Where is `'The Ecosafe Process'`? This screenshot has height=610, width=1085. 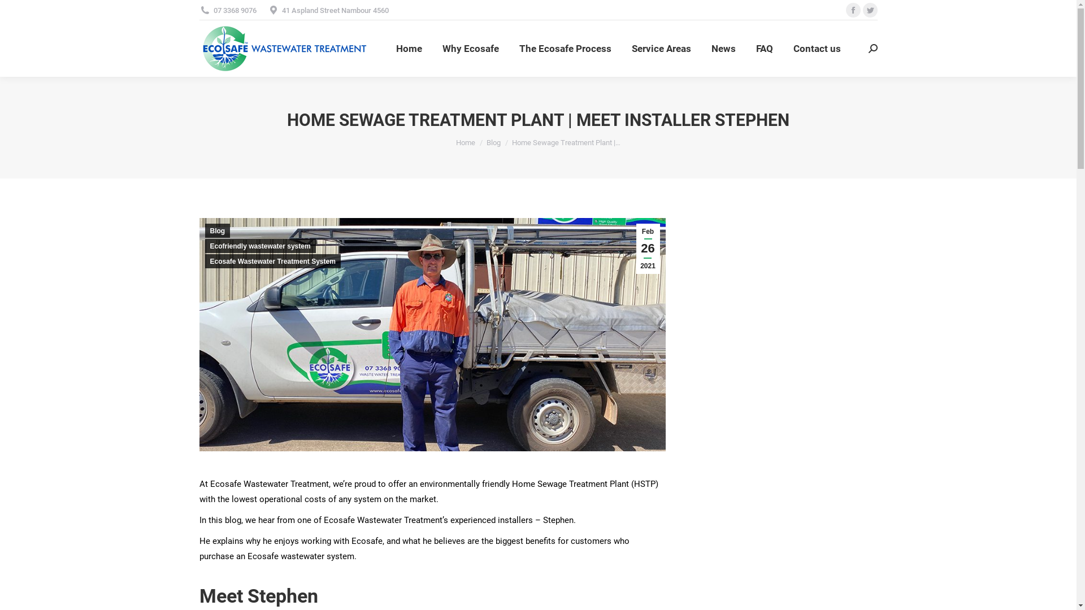
'The Ecosafe Process' is located at coordinates (565, 47).